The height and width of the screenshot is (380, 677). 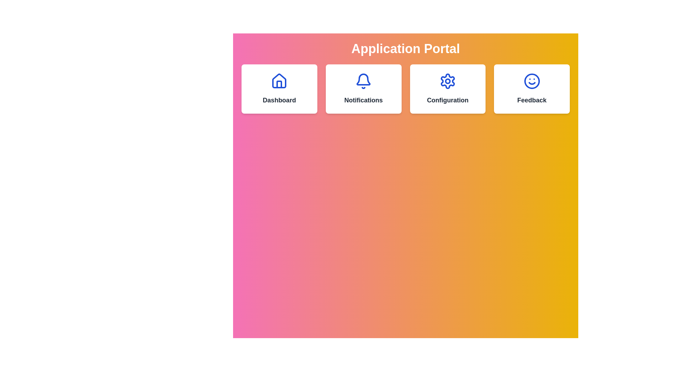 What do you see at coordinates (447, 89) in the screenshot?
I see `the 'Configuration' button located in the third column of the 2x4 grid layout` at bounding box center [447, 89].